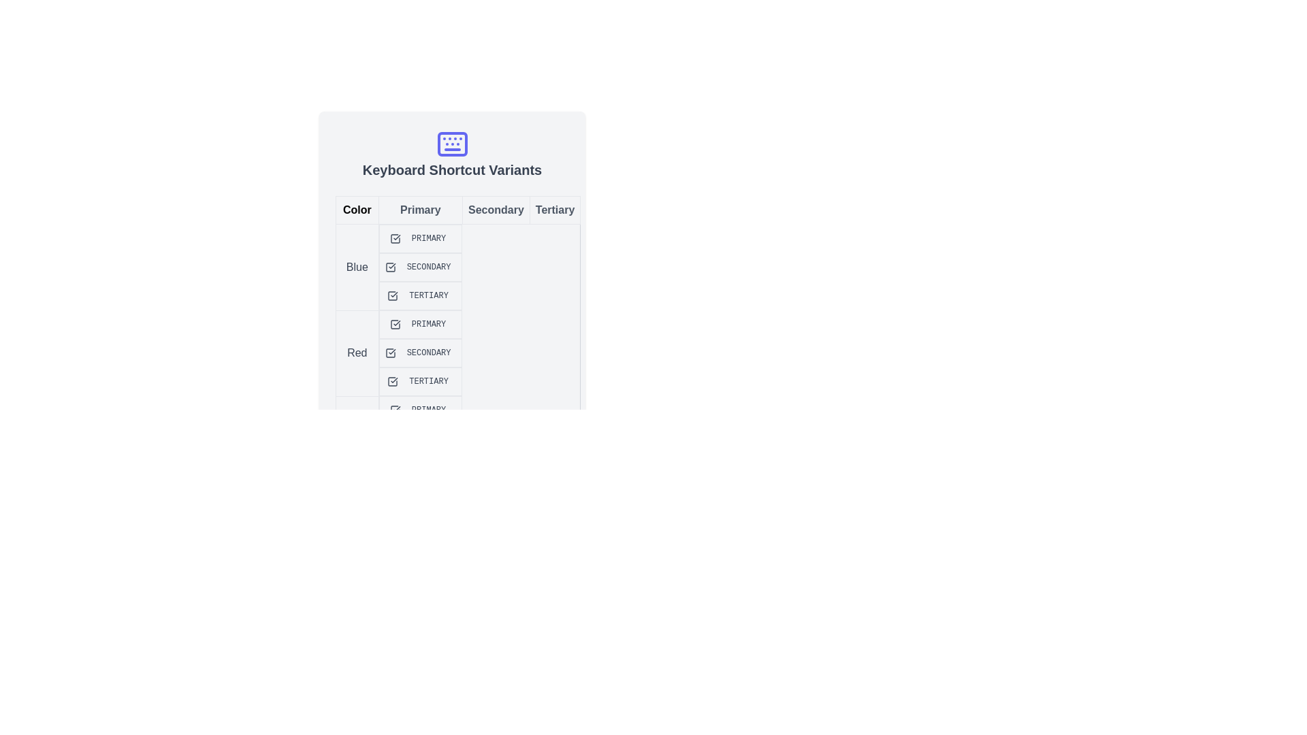 The image size is (1307, 735). What do you see at coordinates (420, 353) in the screenshot?
I see `the 'Secondary' label associated with the checkbox in the 'Red' category` at bounding box center [420, 353].